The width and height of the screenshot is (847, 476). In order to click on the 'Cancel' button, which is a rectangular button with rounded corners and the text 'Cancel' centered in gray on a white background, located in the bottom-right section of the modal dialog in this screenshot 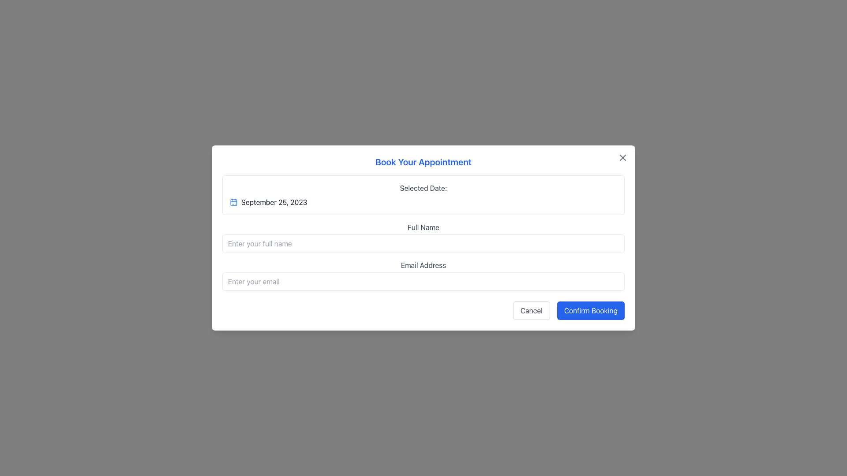, I will do `click(531, 310)`.